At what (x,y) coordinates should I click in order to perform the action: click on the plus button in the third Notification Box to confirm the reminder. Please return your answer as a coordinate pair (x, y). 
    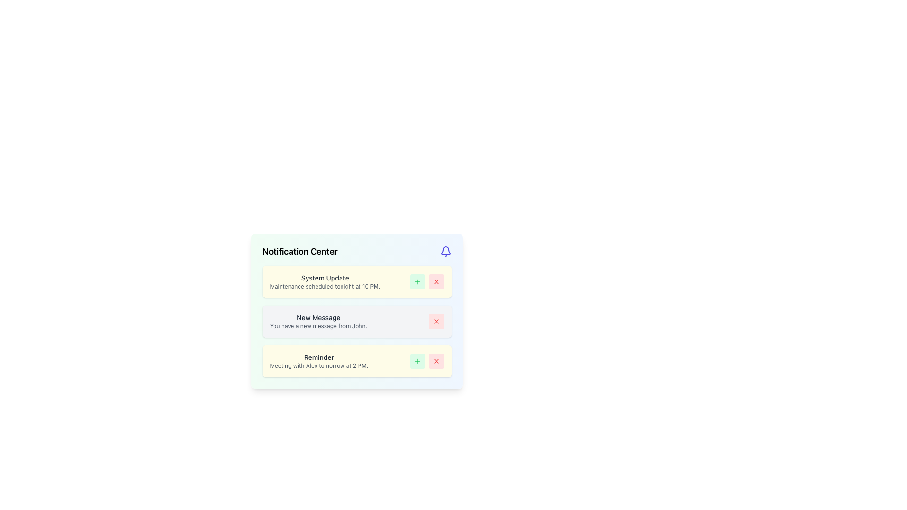
    Looking at the image, I should click on (356, 361).